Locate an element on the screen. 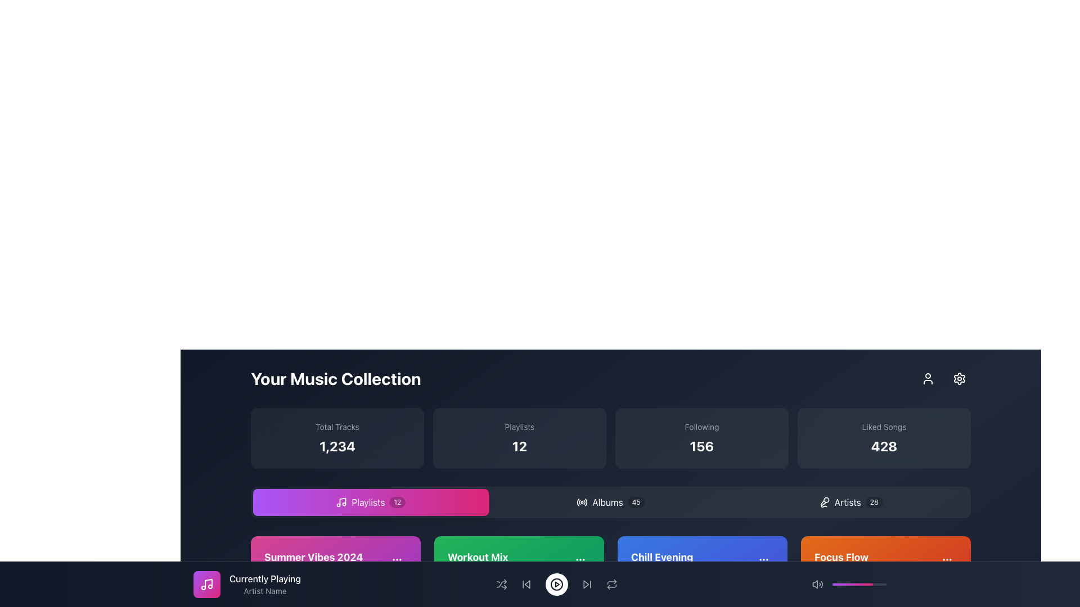 The image size is (1080, 607). the circular play button with a filled black background and a thin white border, which has a triangular play icon centered within it, to play or pause the media is located at coordinates (556, 584).